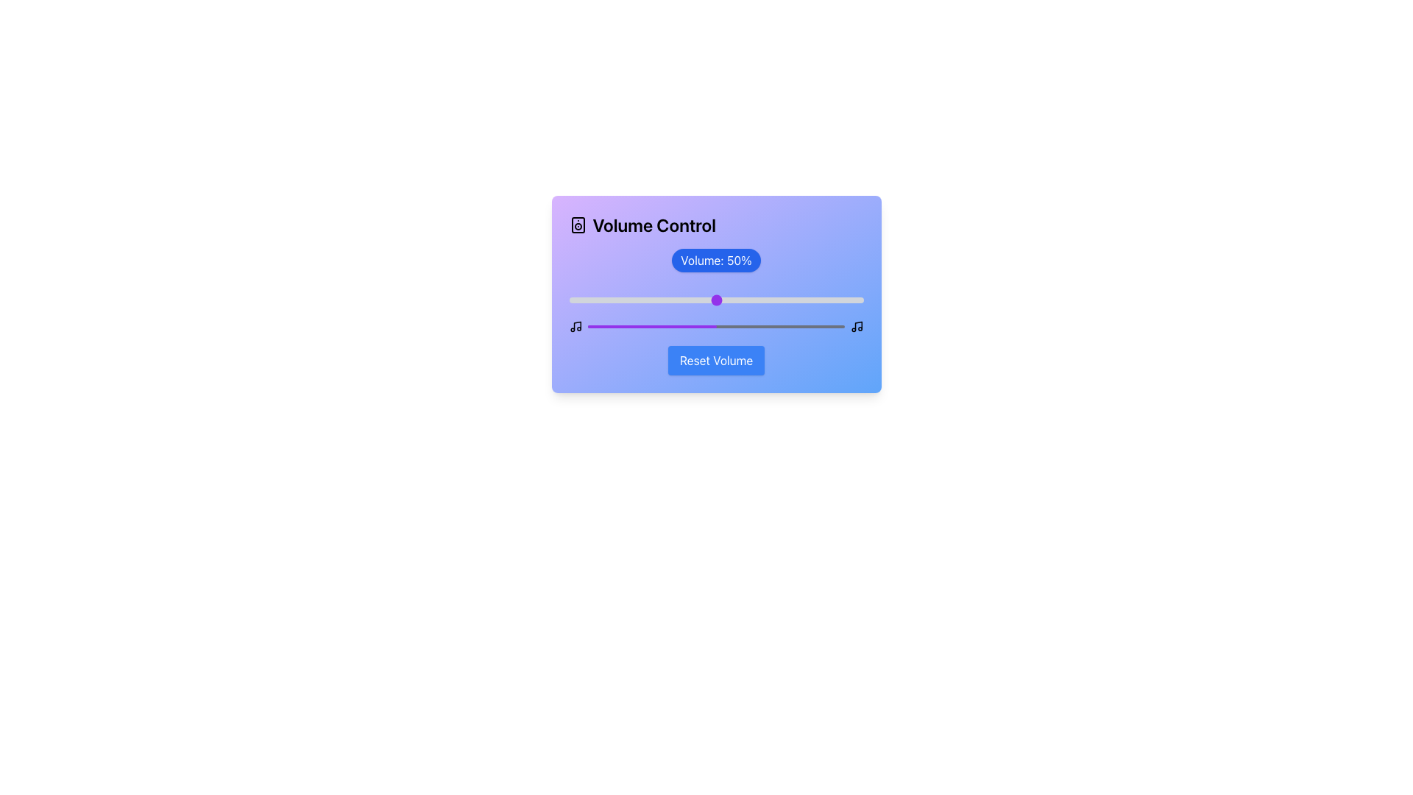 This screenshot has height=795, width=1413. What do you see at coordinates (595, 325) in the screenshot?
I see `the volume` at bounding box center [595, 325].